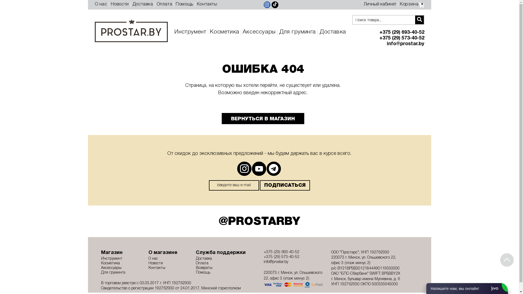 The width and height of the screenshot is (523, 294). What do you see at coordinates (293, 284) in the screenshot?
I see `'Pay_Card_2.png'` at bounding box center [293, 284].